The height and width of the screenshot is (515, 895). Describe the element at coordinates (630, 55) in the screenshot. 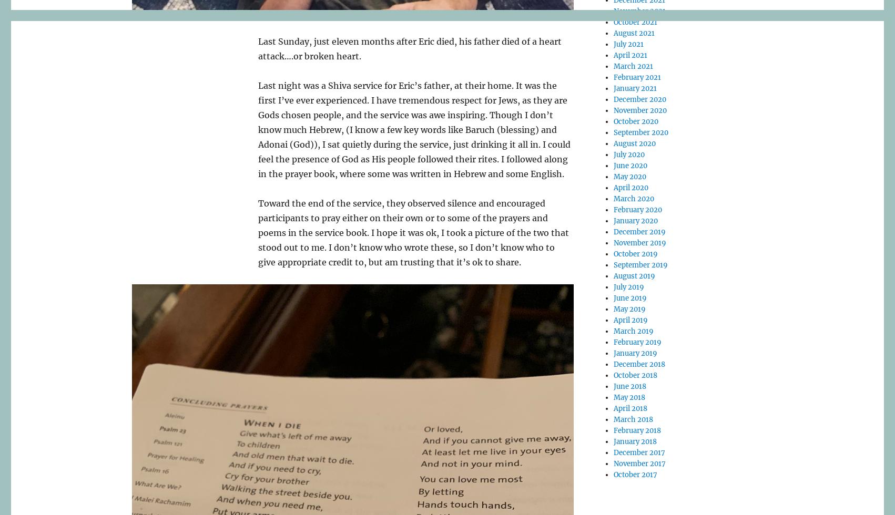

I see `'April 2021'` at that location.